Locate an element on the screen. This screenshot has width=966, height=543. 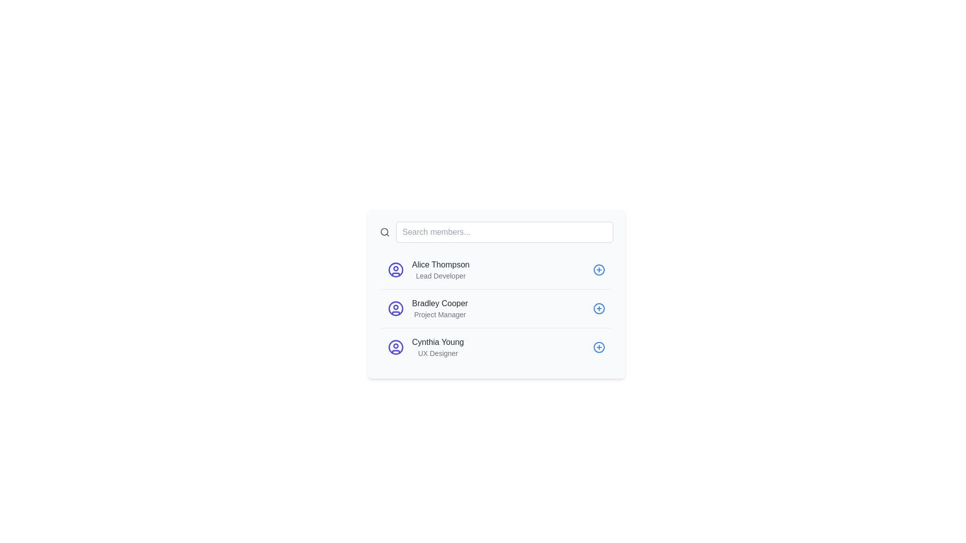
the static text label displaying the name 'Cynthia Young', which is part of the user profiles list and located above the job title 'UX Designer' is located at coordinates (438, 342).